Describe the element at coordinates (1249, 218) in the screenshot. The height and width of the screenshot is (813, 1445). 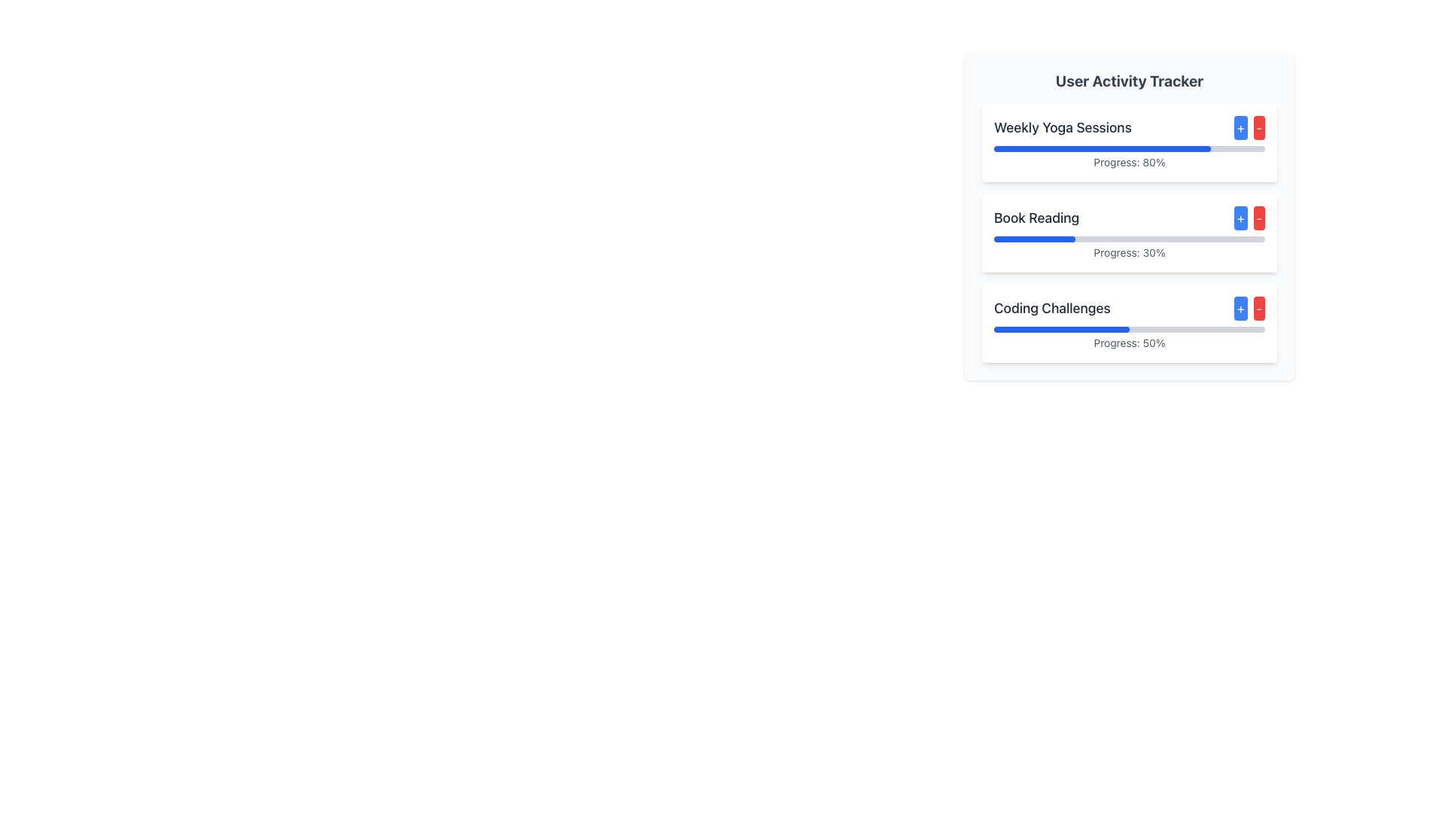
I see `the buttons in the Button Group located in the 'Book Reading' section to increment or decrement the associated value for the 'Book Reading' activity` at that location.